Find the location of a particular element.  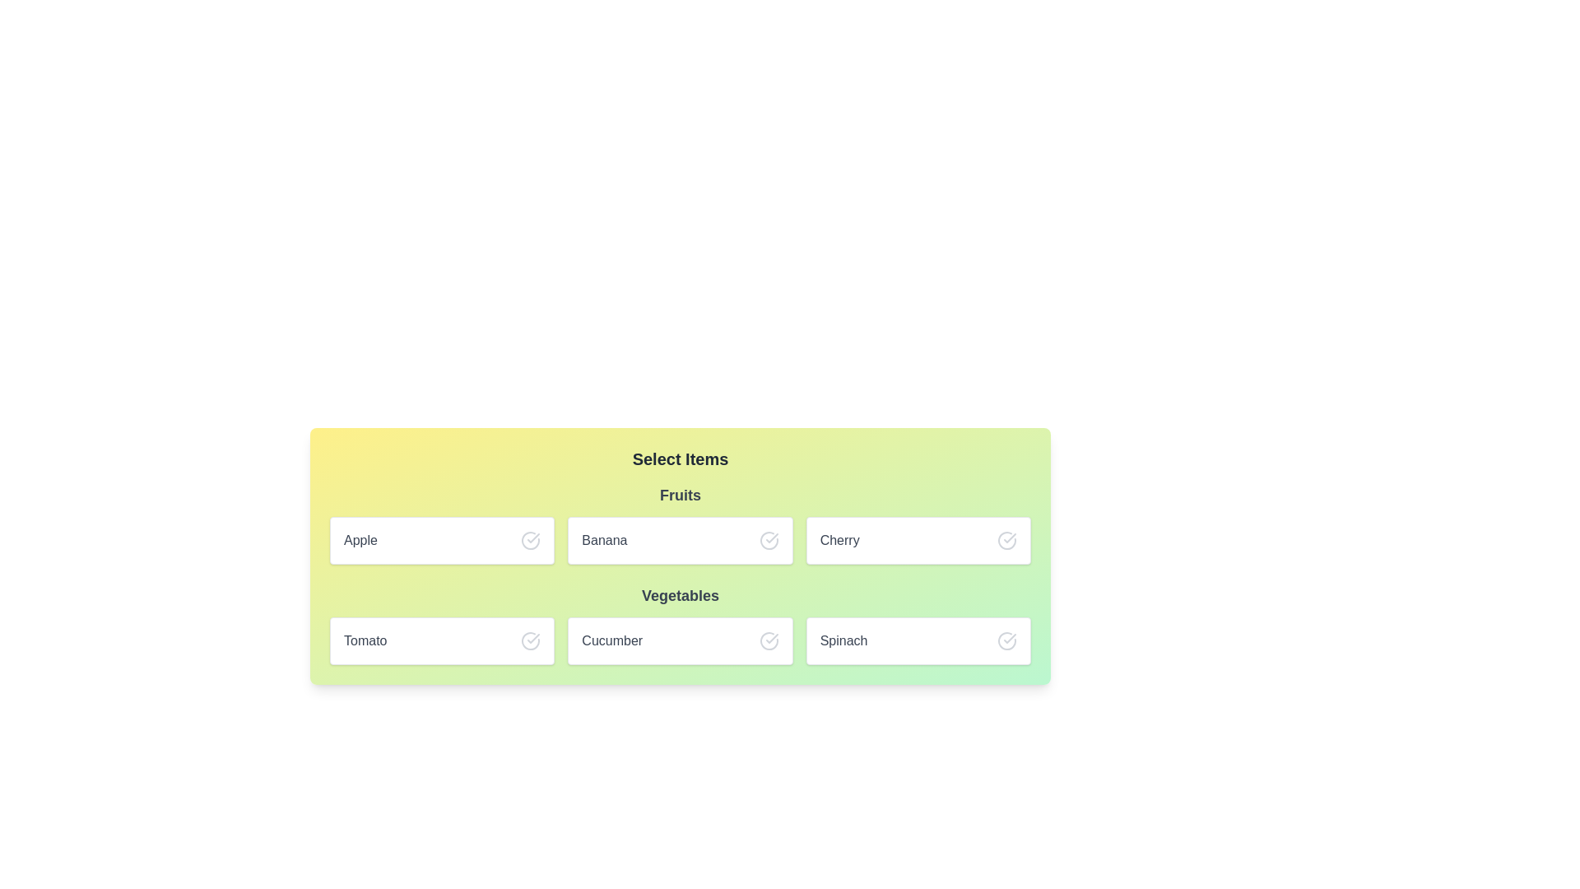

the checkmark SVG icon indicating selection or confirmation for the 'Spinach' item, located to the right of the 'Spinach' text label in the 'Vegetables' section is located at coordinates (1009, 637).